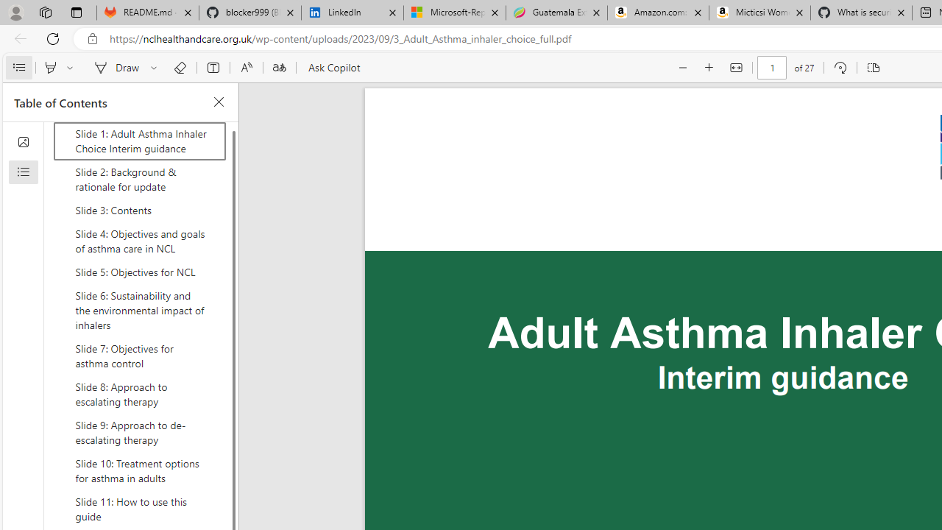 The height and width of the screenshot is (530, 942). Describe the element at coordinates (333, 68) in the screenshot. I see `'Ask Copilot'` at that location.